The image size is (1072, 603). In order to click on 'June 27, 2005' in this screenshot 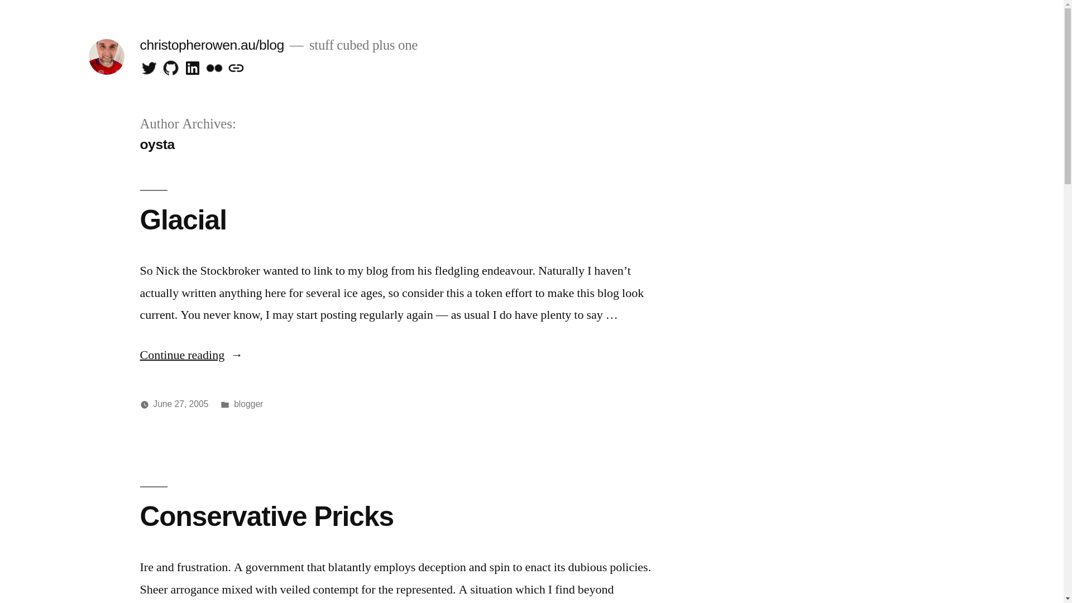, I will do `click(180, 404)`.